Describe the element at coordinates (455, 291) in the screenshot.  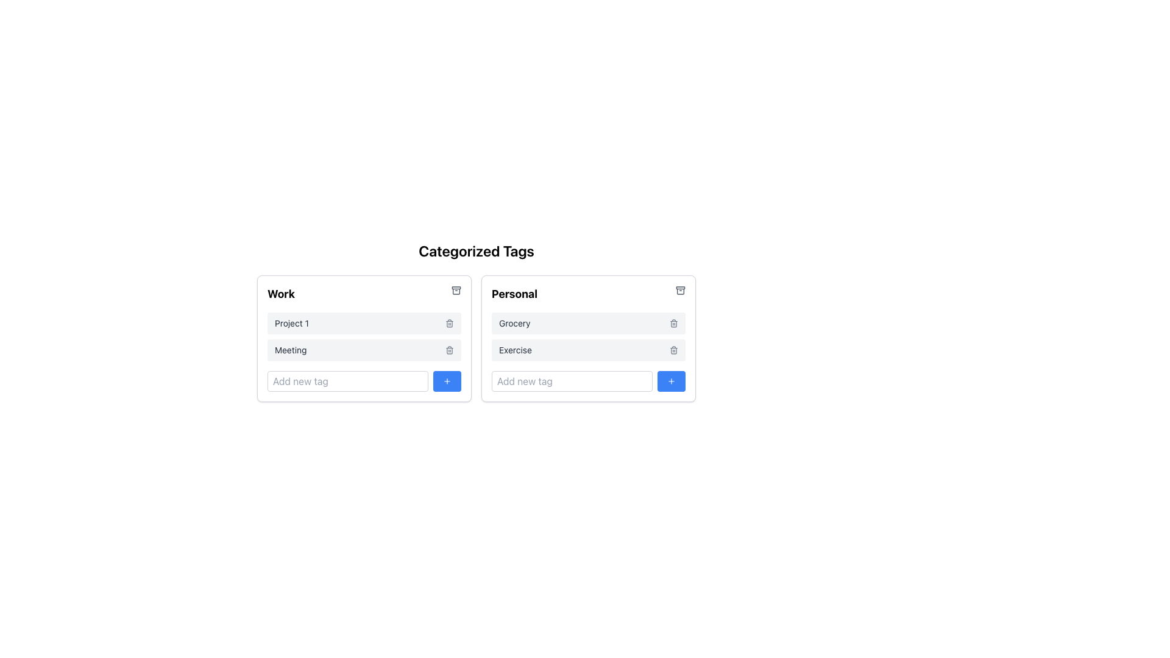
I see `the archive icon button located in the top-right corner of the 'Work' section` at that location.